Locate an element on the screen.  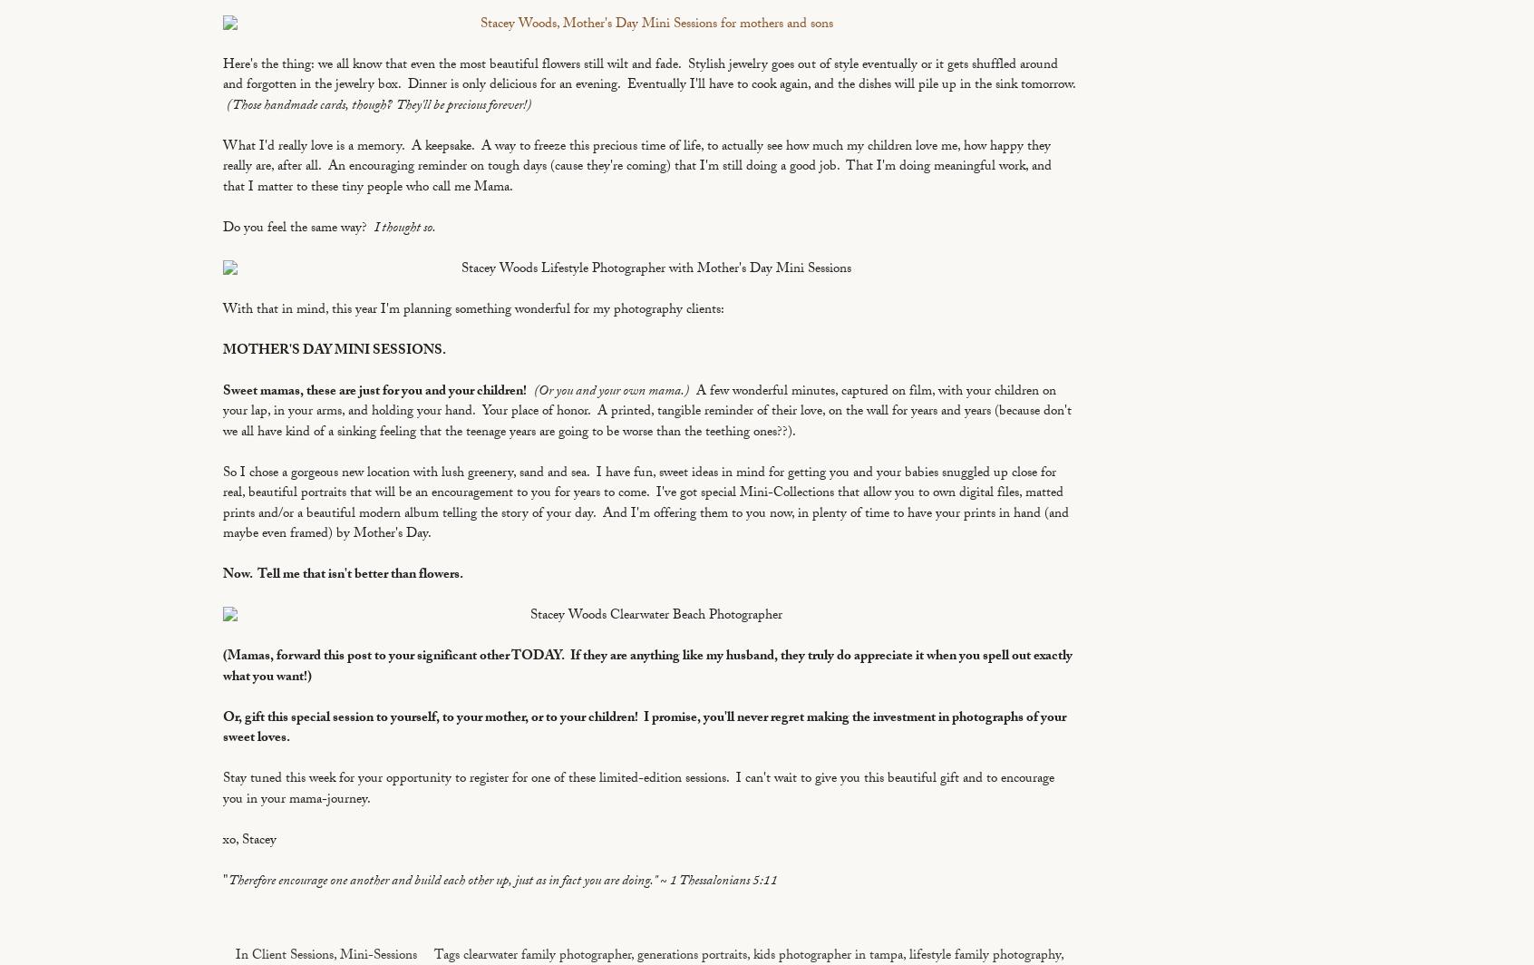
'With that in mind, this year I'm planning something wonderful for my photography clients:' is located at coordinates (473, 309).